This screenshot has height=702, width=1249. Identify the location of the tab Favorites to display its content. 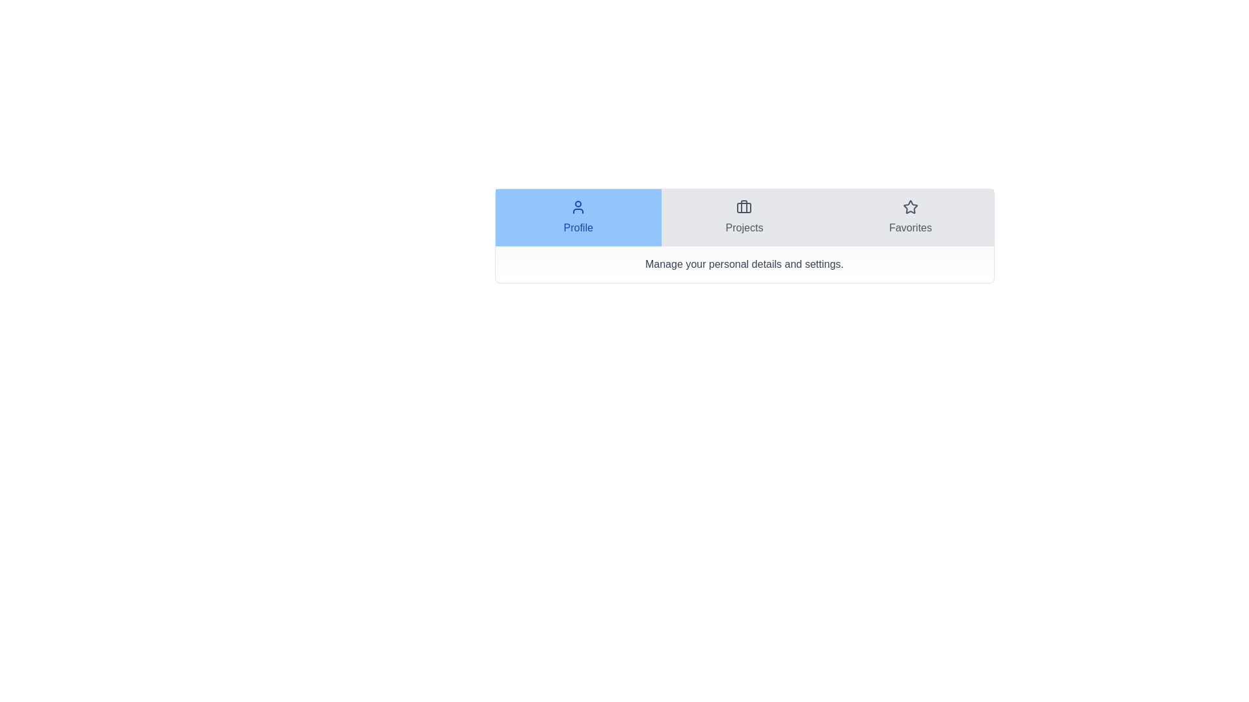
(909, 217).